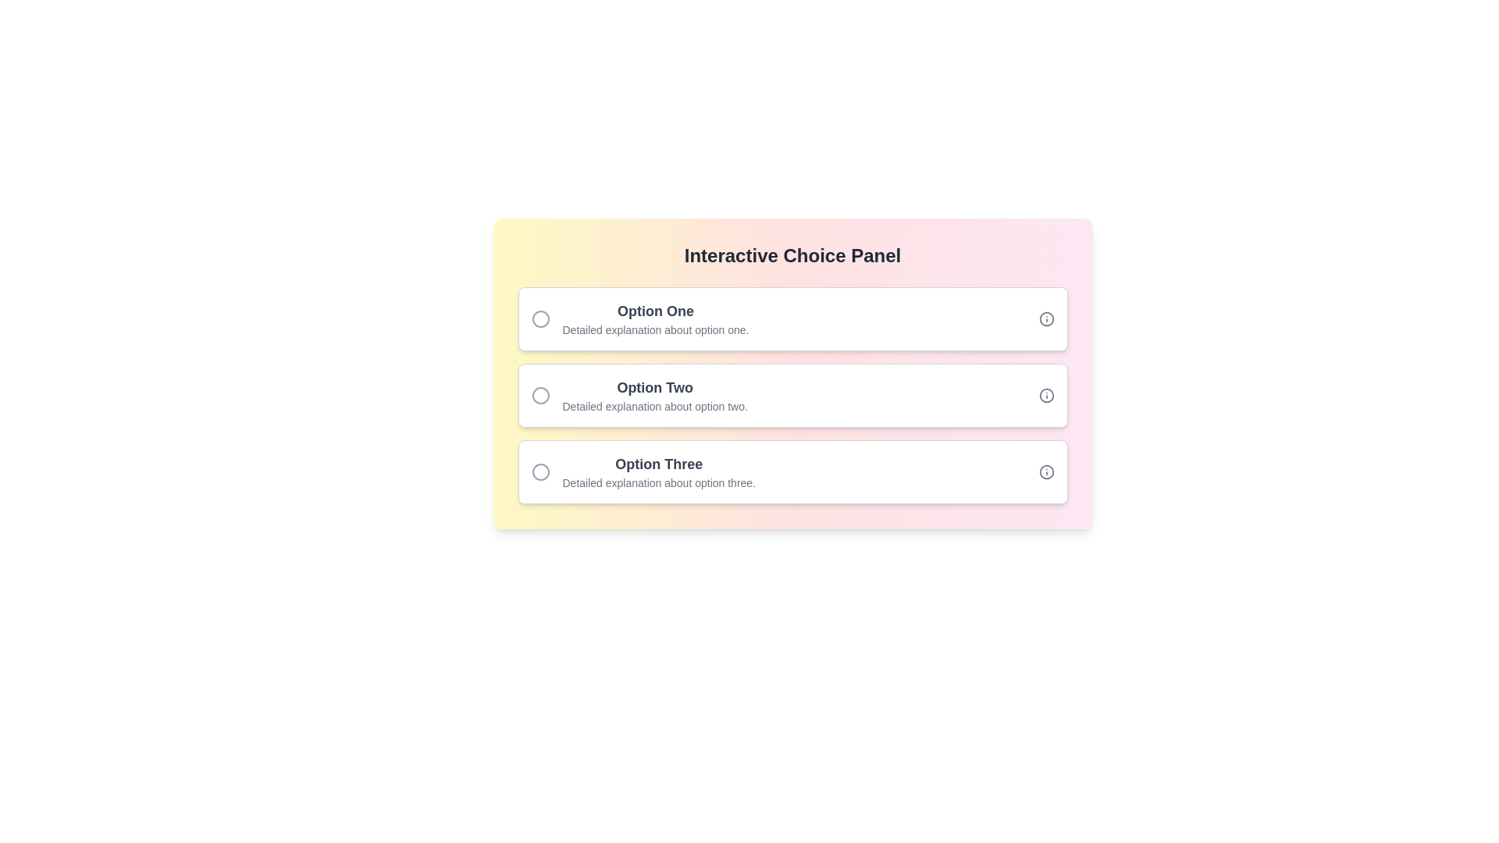 The width and height of the screenshot is (1499, 843). What do you see at coordinates (655, 387) in the screenshot?
I see `the text label 'Option Two', which is styled in bold and dark gray, indicating the second choice in the interactive choice panel` at bounding box center [655, 387].